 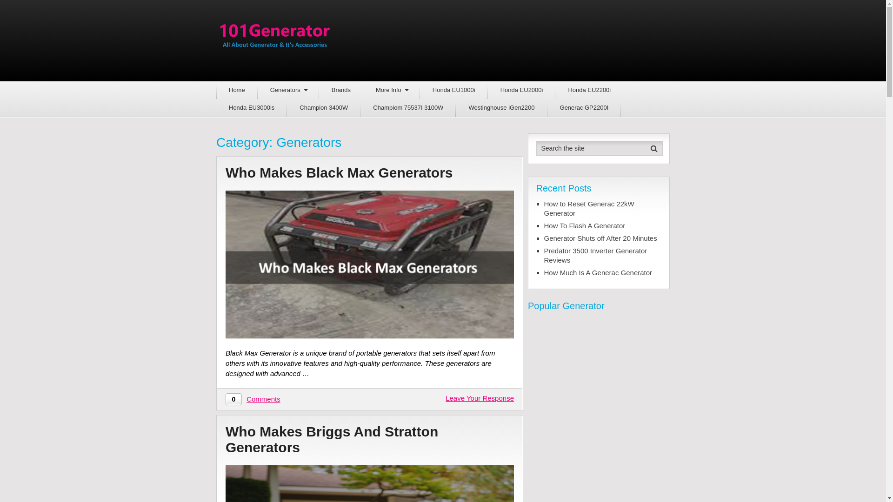 What do you see at coordinates (584, 107) in the screenshot?
I see `'Generac GP2200I'` at bounding box center [584, 107].